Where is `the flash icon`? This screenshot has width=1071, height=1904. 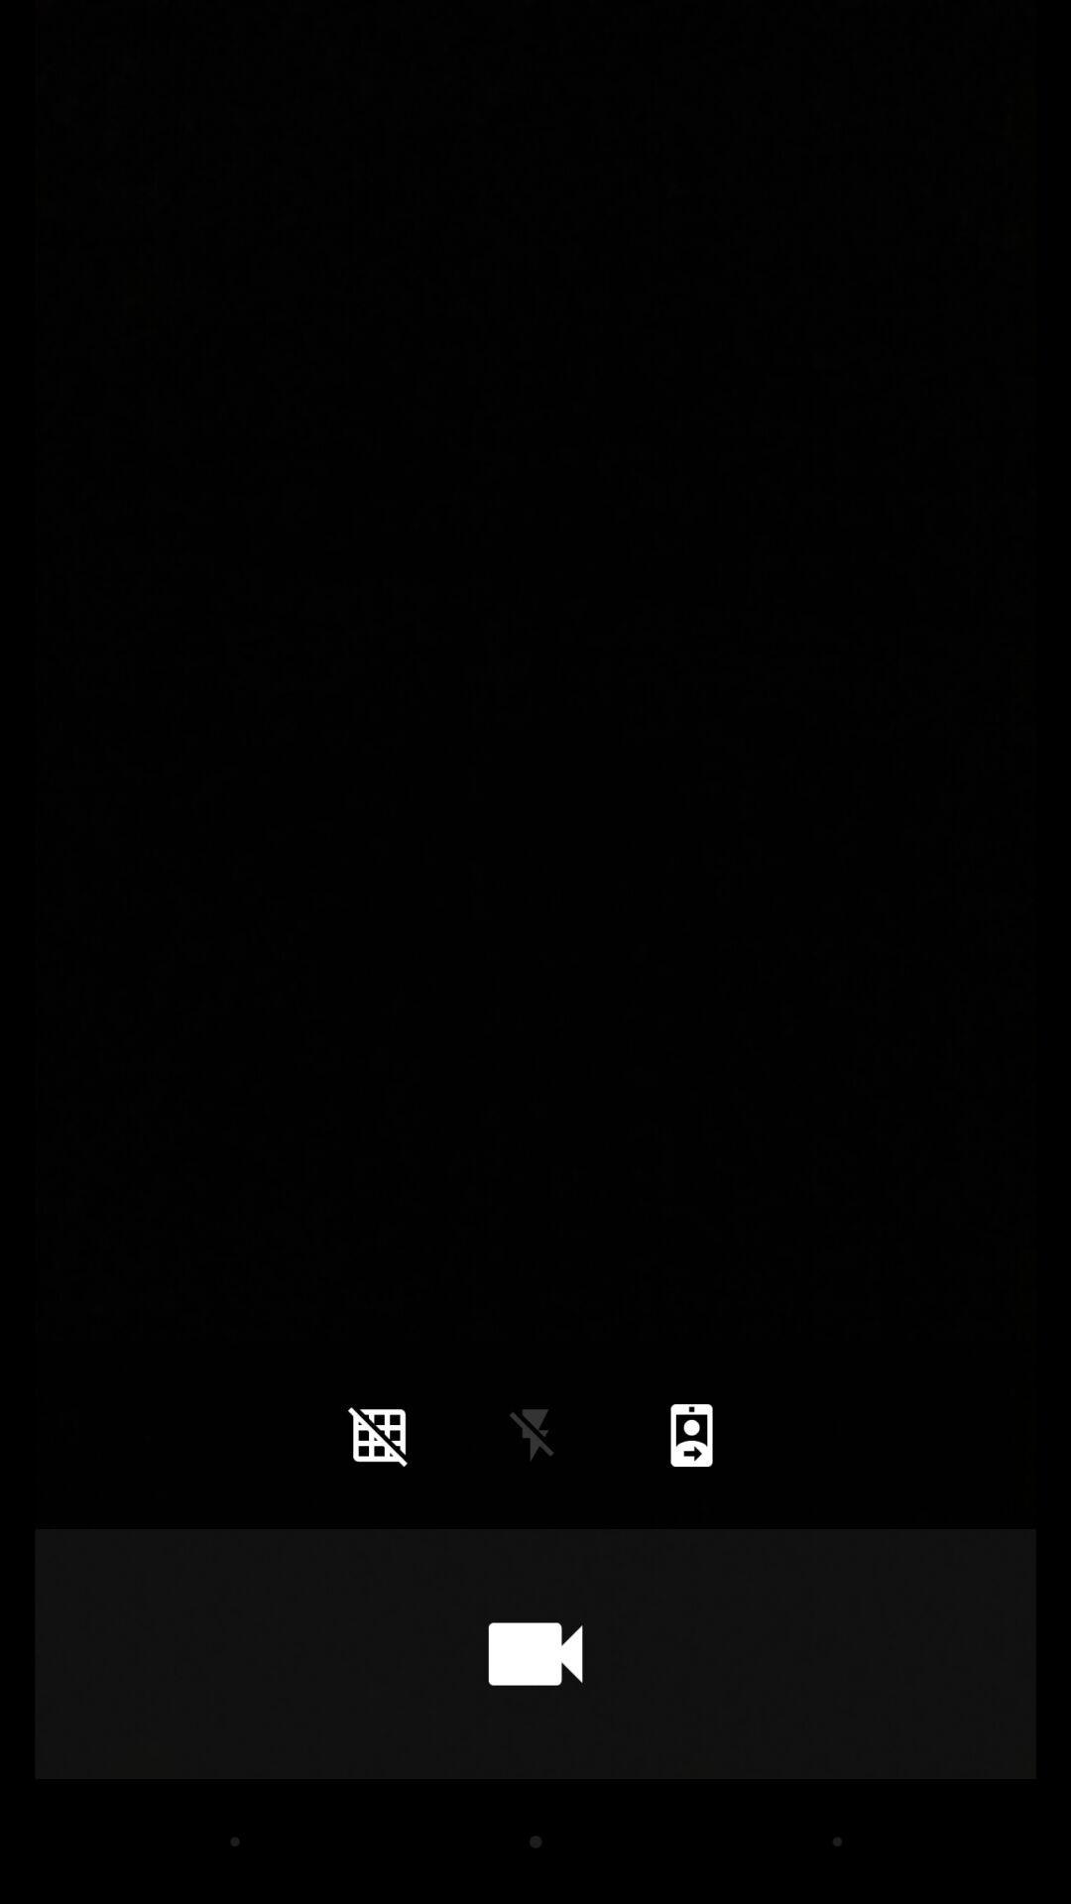 the flash icon is located at coordinates (535, 1435).